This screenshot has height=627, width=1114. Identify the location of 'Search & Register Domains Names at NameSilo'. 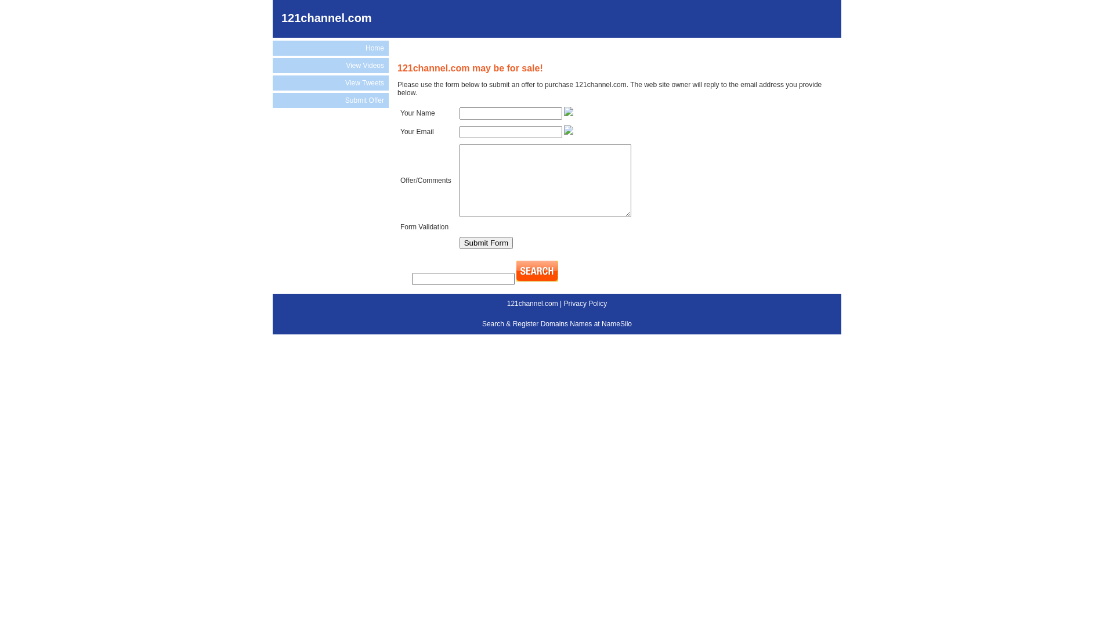
(557, 324).